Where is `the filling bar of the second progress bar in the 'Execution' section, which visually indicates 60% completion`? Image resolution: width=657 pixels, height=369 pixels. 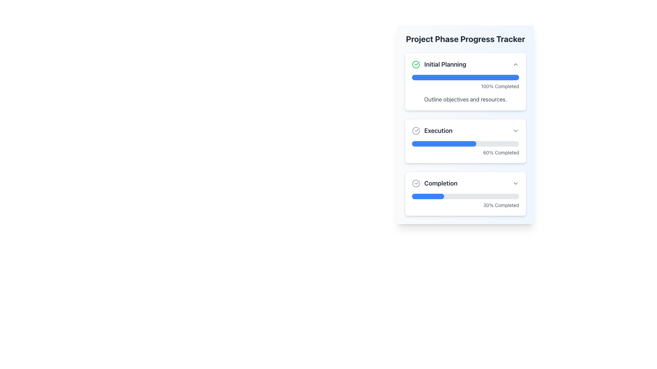 the filling bar of the second progress bar in the 'Execution' section, which visually indicates 60% completion is located at coordinates (444, 143).